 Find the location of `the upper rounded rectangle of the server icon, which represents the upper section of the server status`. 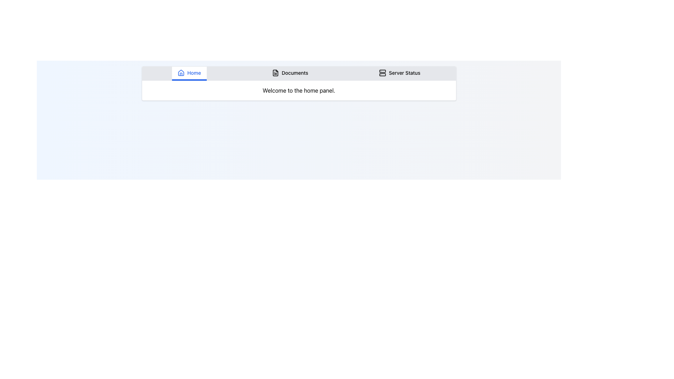

the upper rounded rectangle of the server icon, which represents the upper section of the server status is located at coordinates (382, 71).